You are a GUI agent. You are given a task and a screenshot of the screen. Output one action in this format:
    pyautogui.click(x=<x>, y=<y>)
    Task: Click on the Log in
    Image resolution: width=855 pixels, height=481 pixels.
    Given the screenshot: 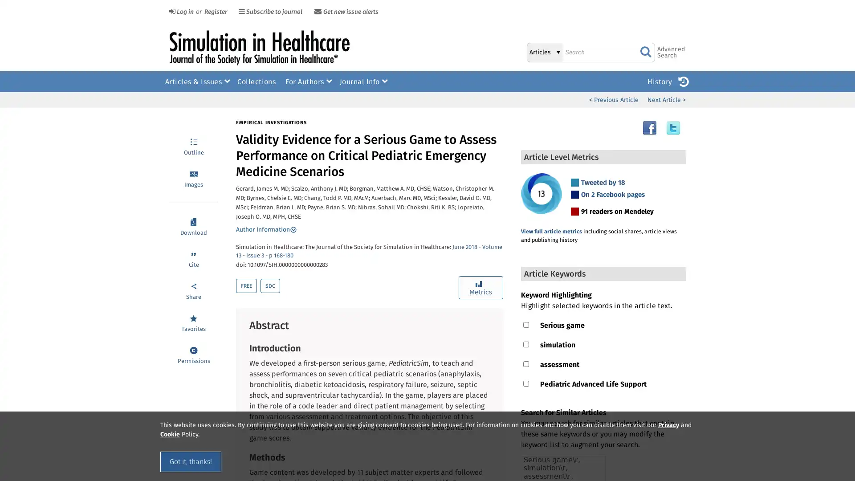 What is the action you would take?
    pyautogui.click(x=180, y=12)
    